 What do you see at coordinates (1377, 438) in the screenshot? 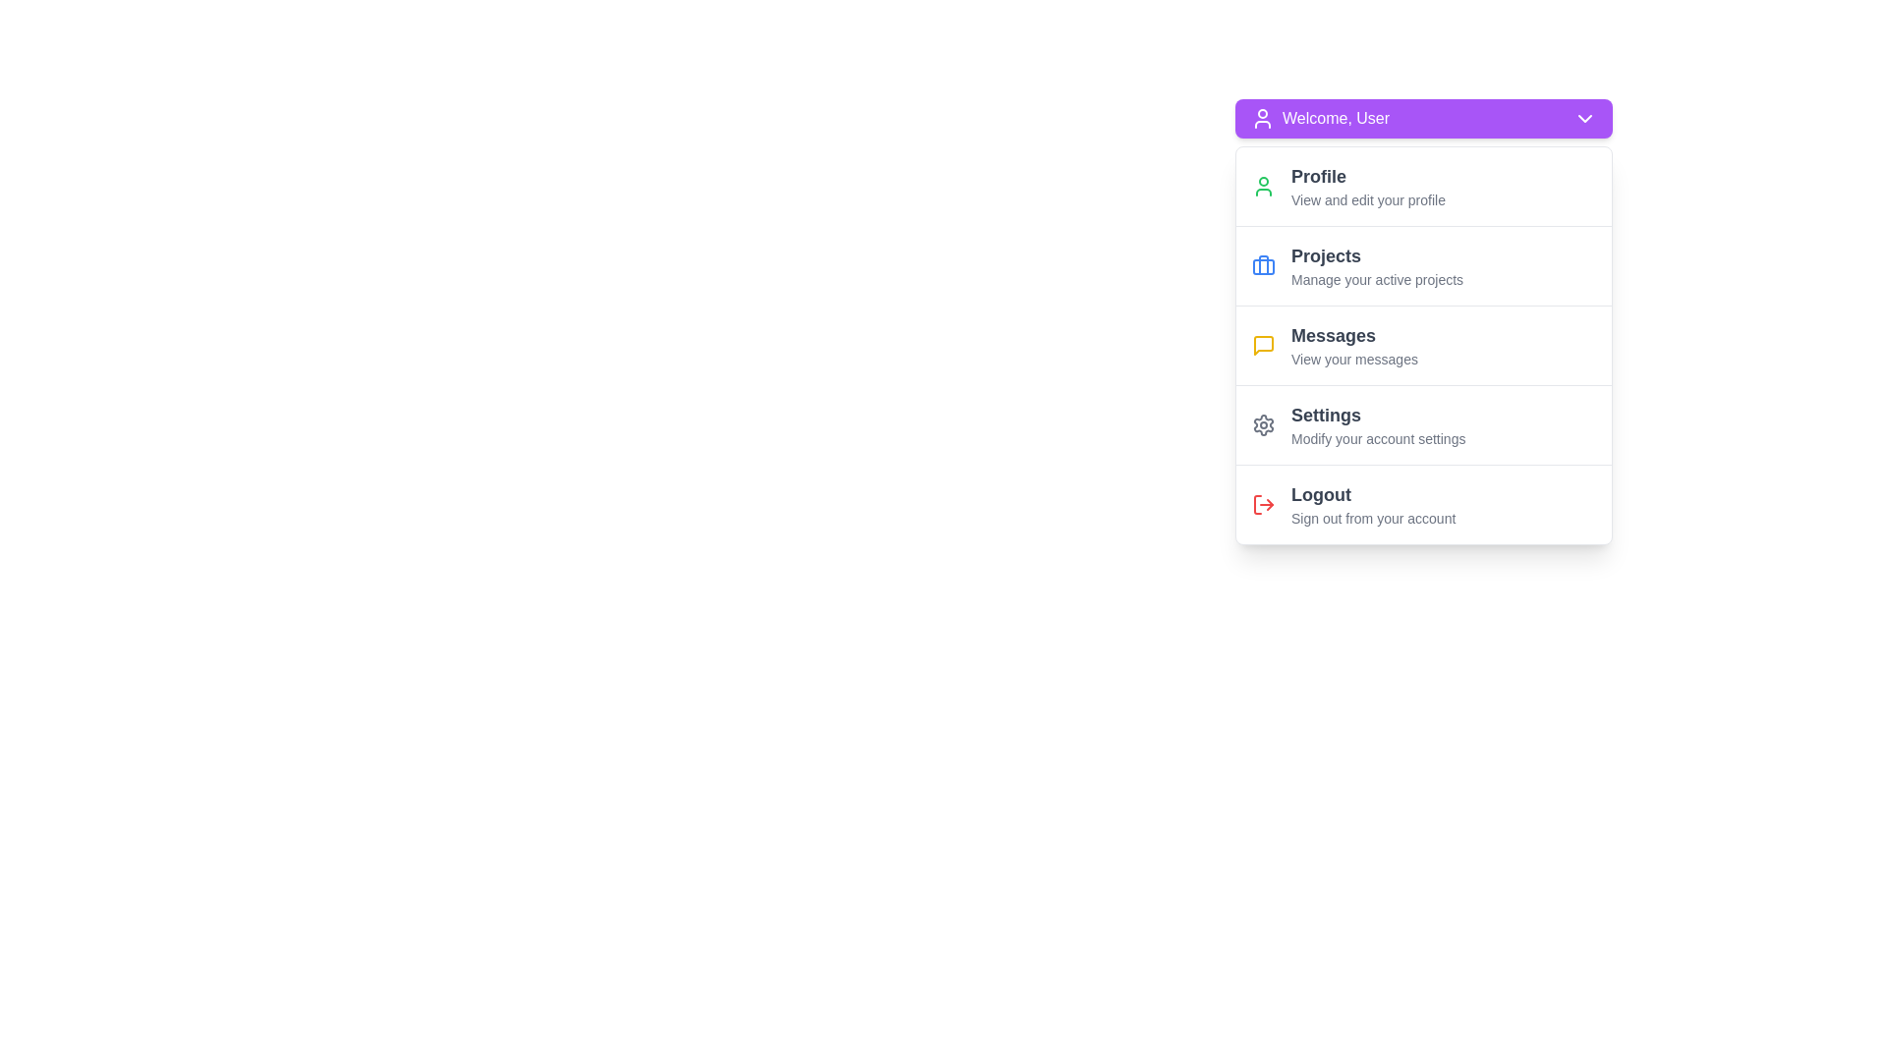
I see `the contextual information Text label located under the 'Settings' section in the vertical navigation menu, which describes the purpose of the 'Settings' menu item` at bounding box center [1377, 438].